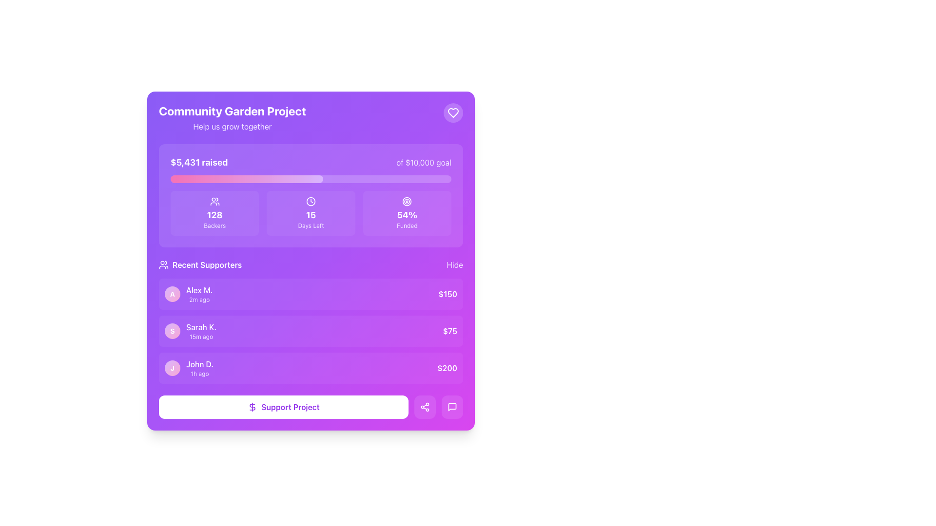 This screenshot has height=526, width=936. I want to click on the circular avatar icon filled with a gradient transitioning from purple to pink, featuring a bold, white letter 'A', located in the 'Recent Supporters' section, so click(173, 294).